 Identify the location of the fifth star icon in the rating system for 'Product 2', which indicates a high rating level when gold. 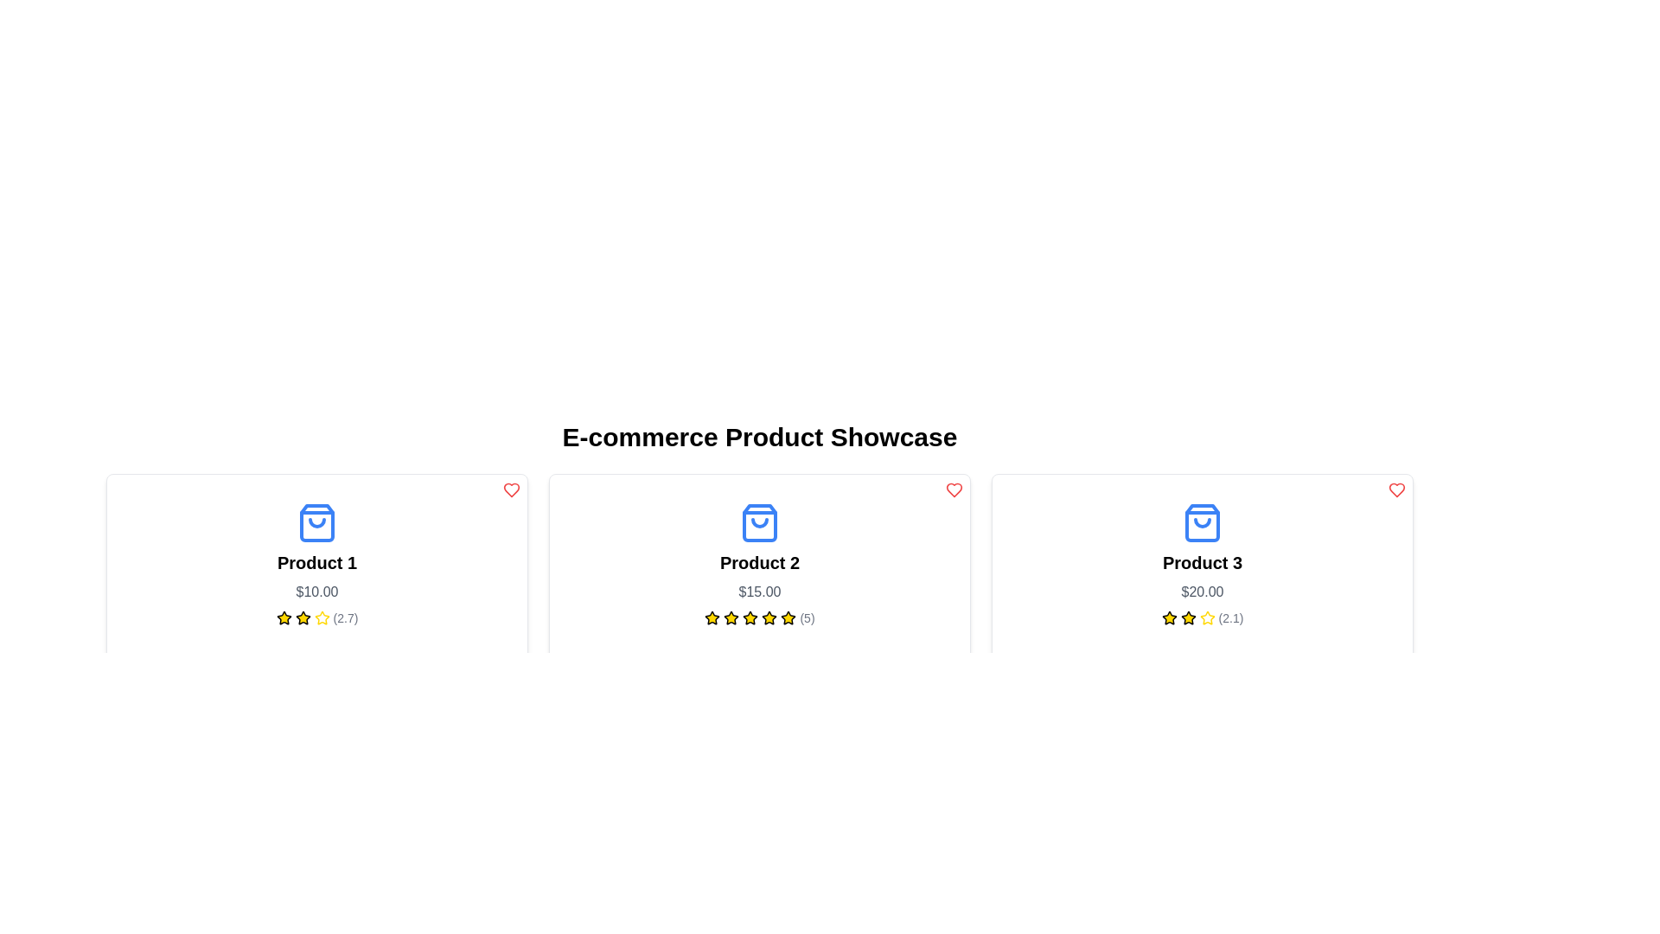
(788, 617).